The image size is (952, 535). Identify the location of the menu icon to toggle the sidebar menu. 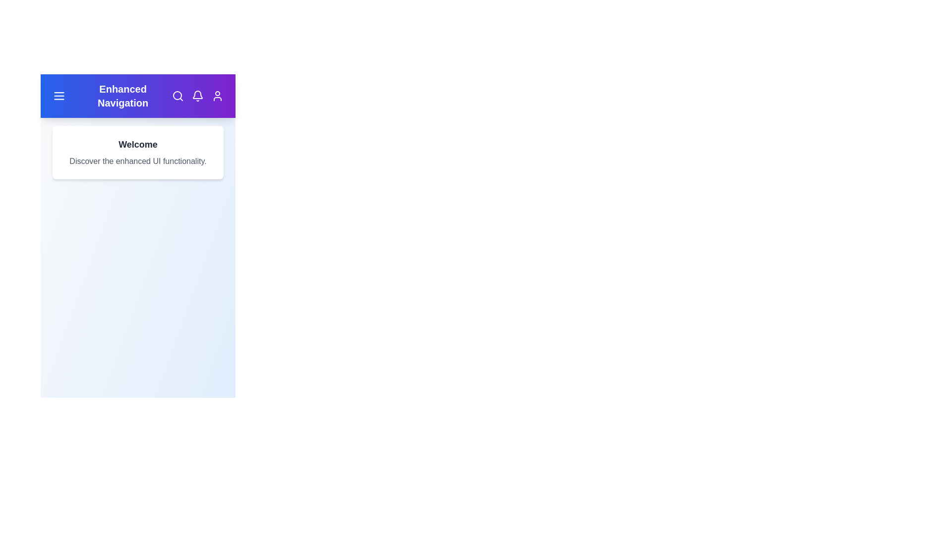
(59, 96).